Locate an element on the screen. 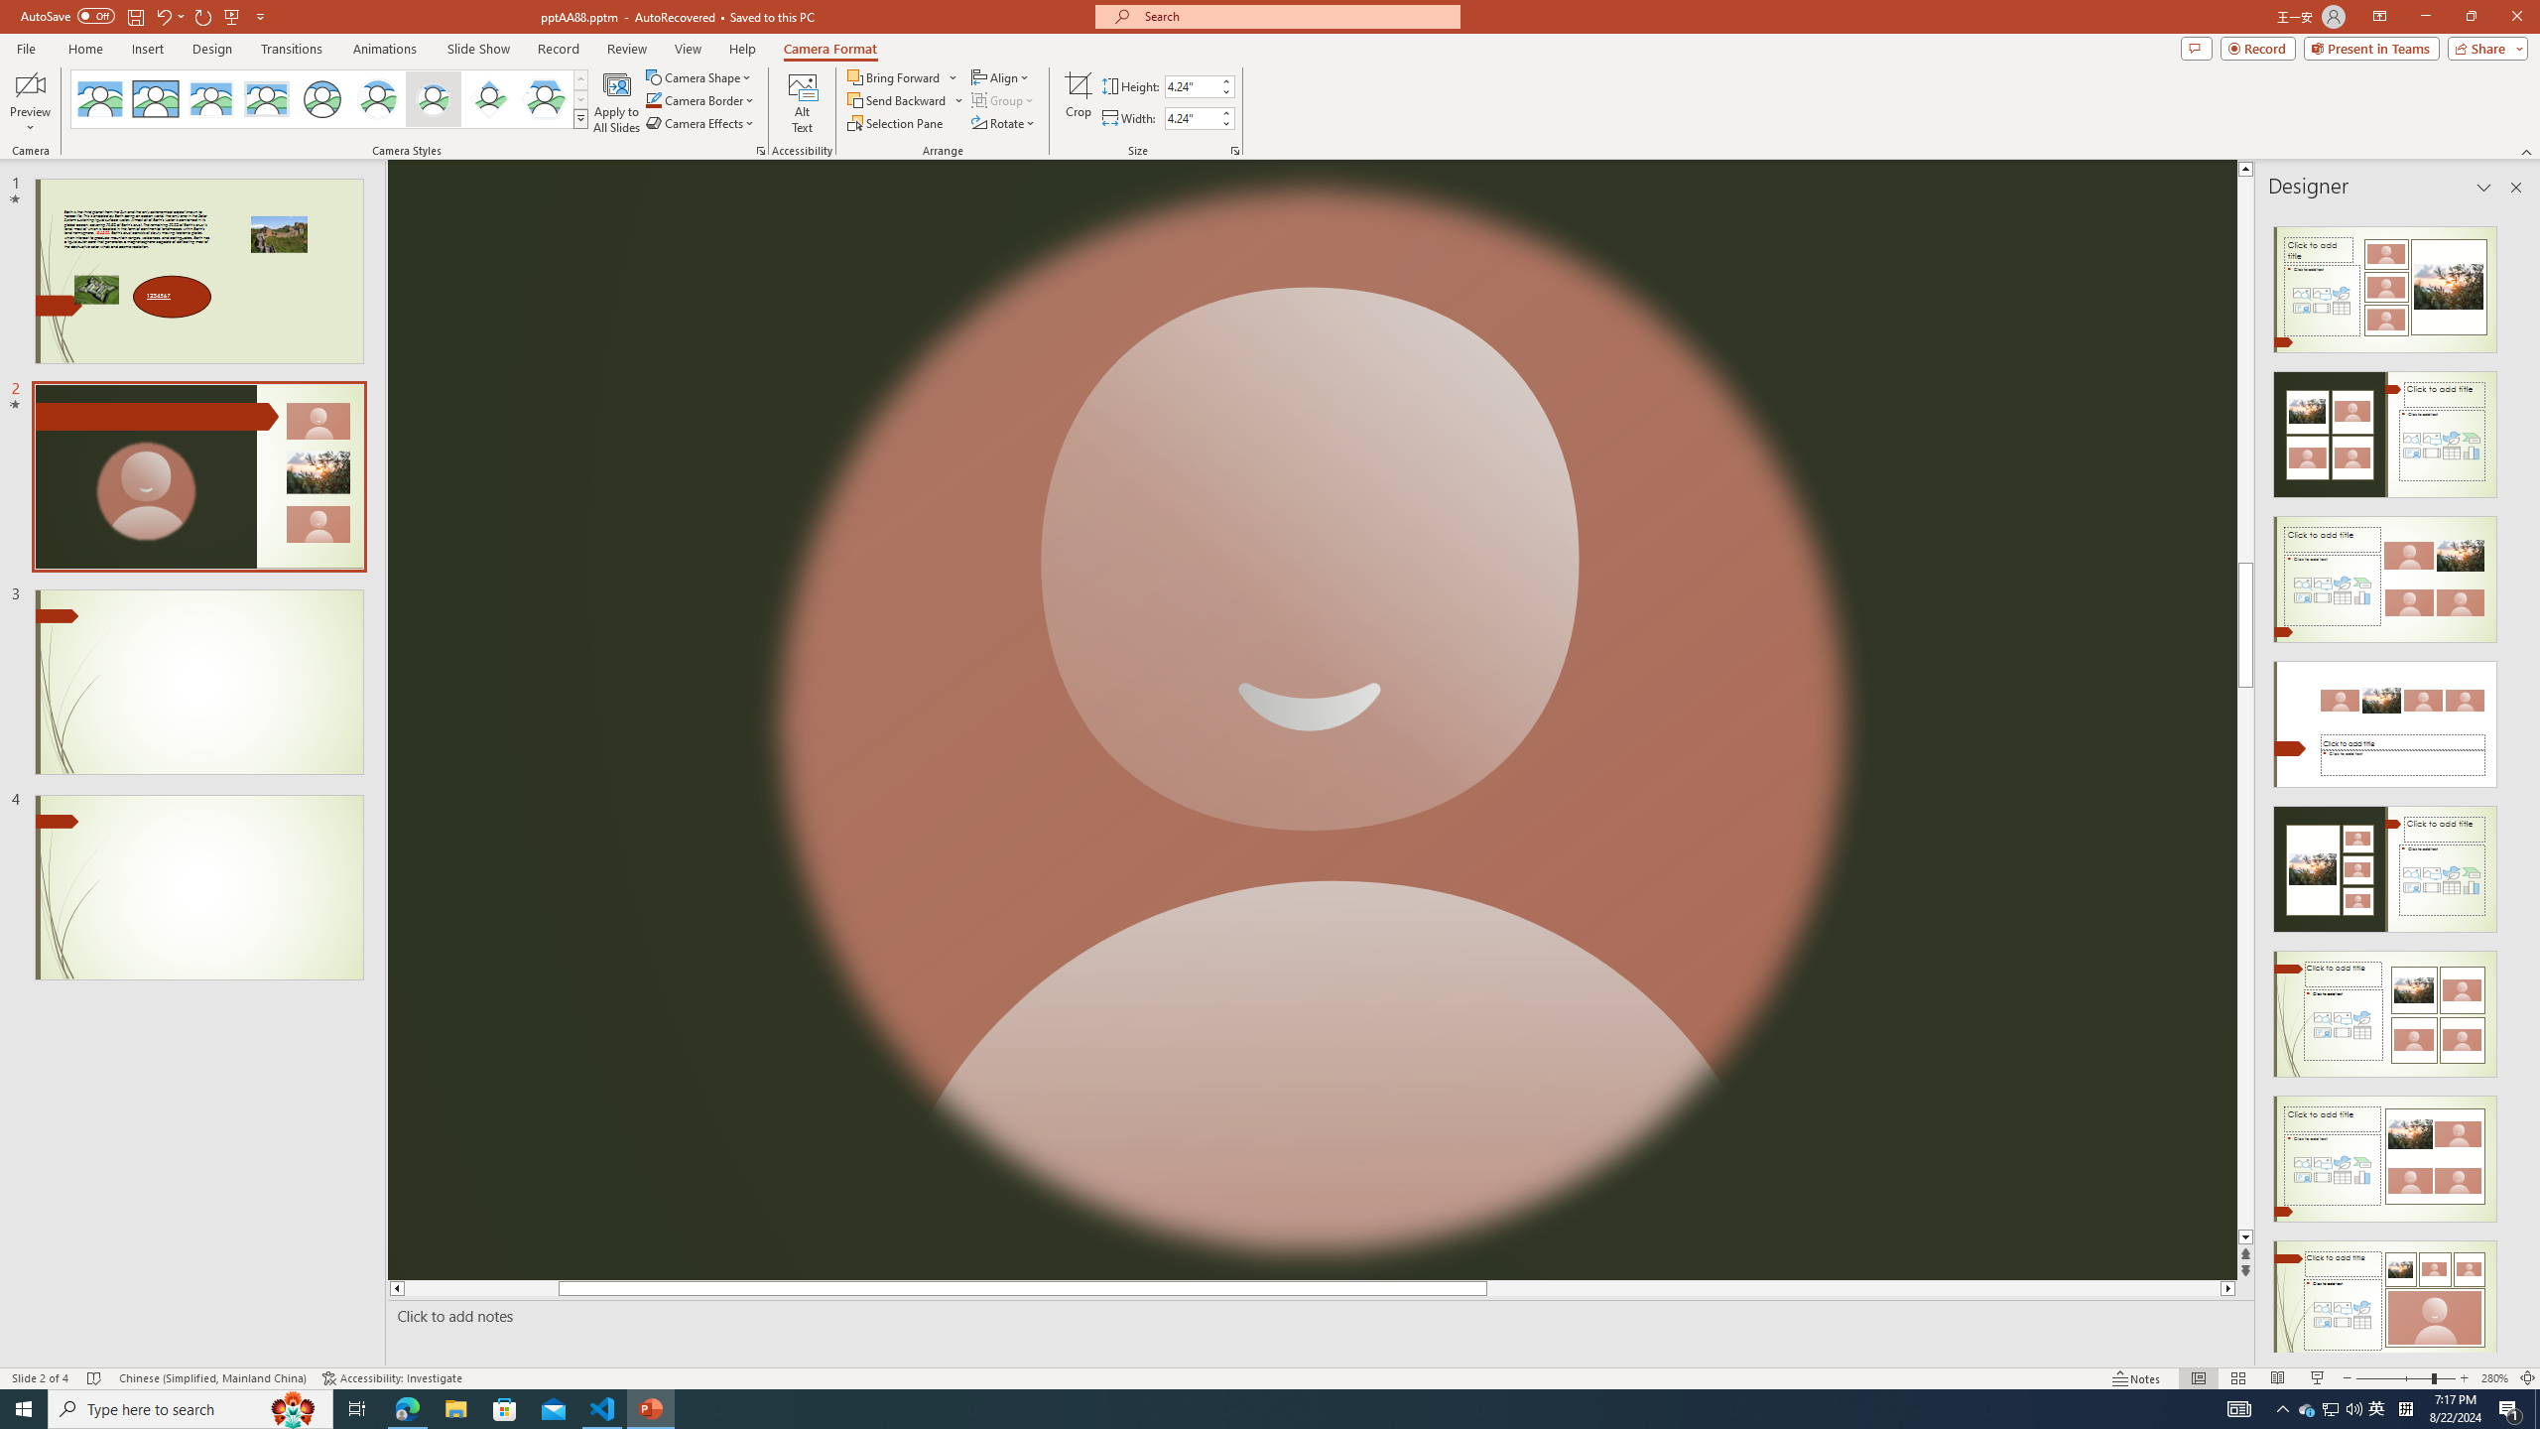  'Zoom 280%' is located at coordinates (2495, 1378).